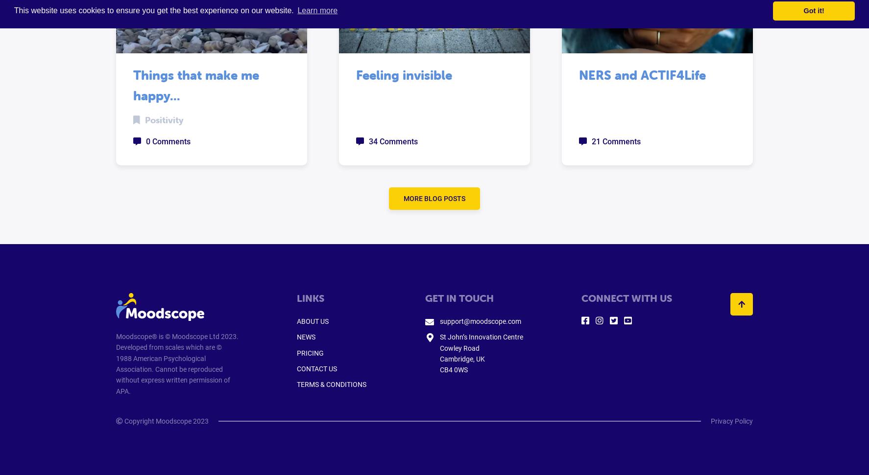 The height and width of the screenshot is (475, 869). I want to click on 'Learn more', so click(297, 10).